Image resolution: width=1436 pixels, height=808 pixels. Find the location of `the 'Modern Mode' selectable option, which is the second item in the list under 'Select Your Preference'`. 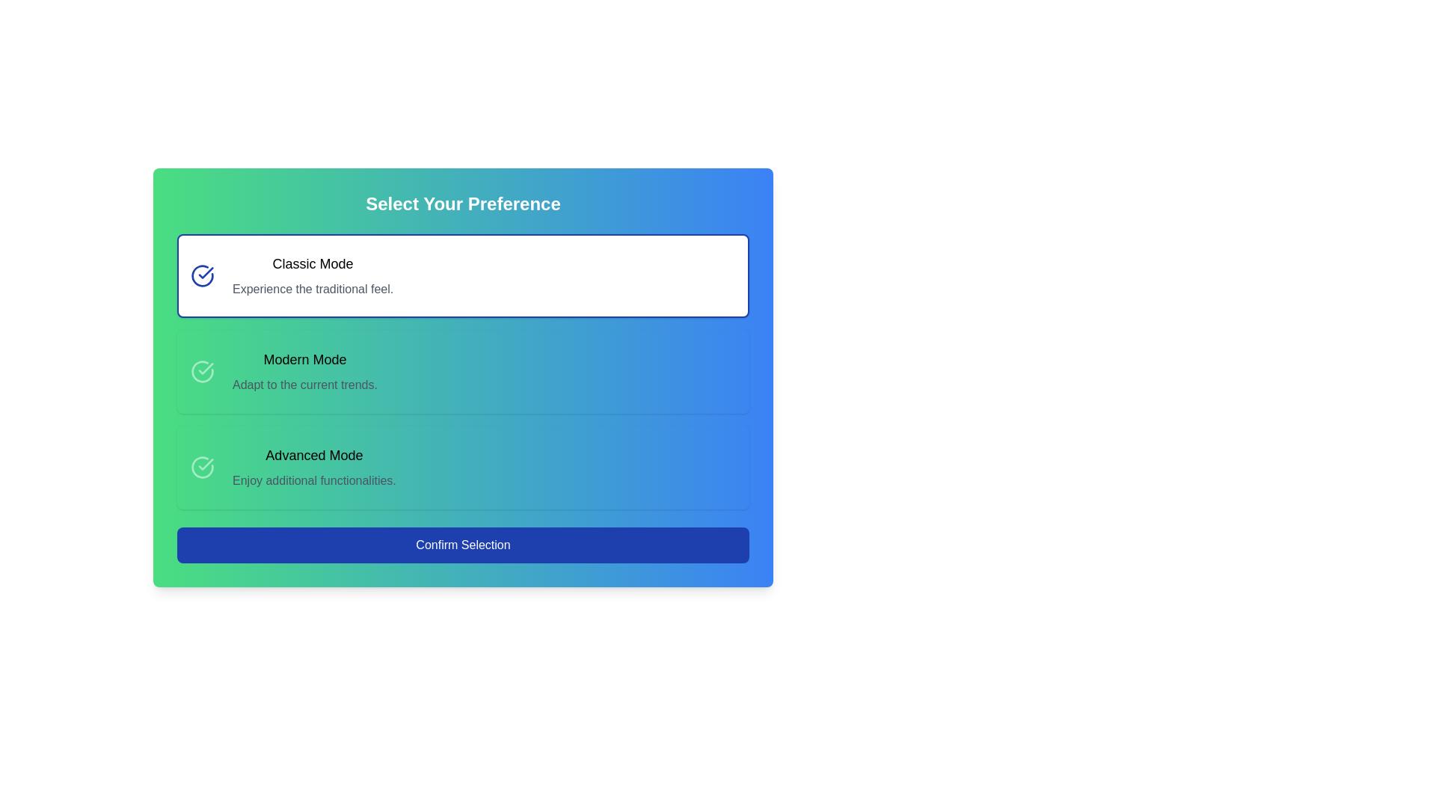

the 'Modern Mode' selectable option, which is the second item in the list under 'Select Your Preference' is located at coordinates (462, 371).